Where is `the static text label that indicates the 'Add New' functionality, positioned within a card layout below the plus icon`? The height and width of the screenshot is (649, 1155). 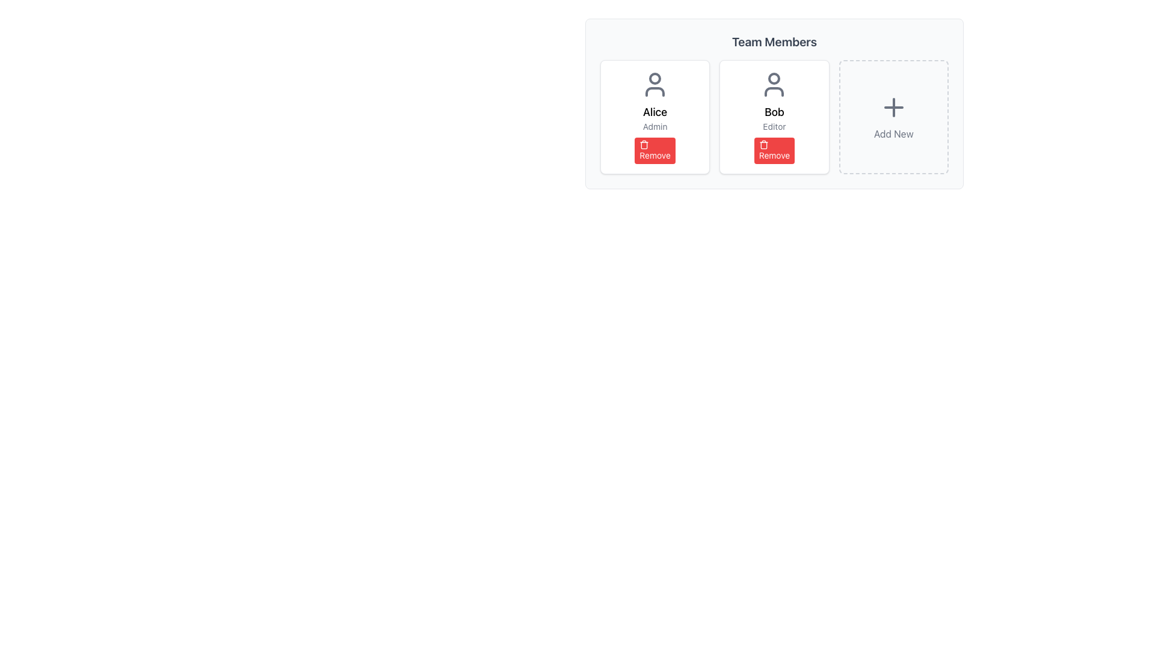 the static text label that indicates the 'Add New' functionality, positioned within a card layout below the plus icon is located at coordinates (893, 134).